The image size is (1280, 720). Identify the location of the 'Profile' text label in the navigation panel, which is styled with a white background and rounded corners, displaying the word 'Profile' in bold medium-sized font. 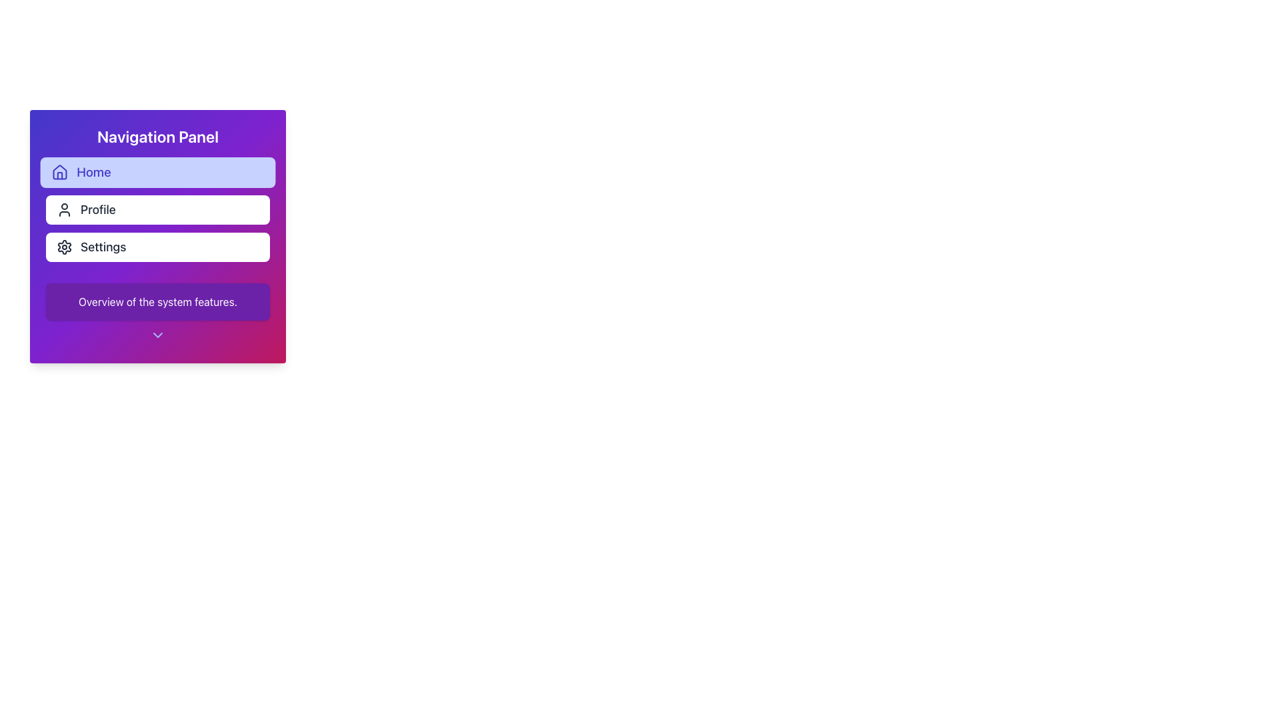
(97, 210).